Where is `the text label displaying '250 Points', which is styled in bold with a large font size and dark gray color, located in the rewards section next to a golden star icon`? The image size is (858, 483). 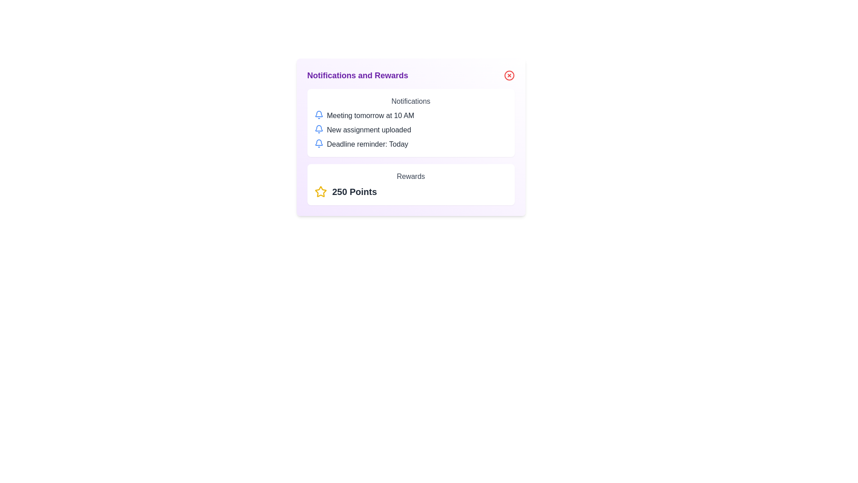 the text label displaying '250 Points', which is styled in bold with a large font size and dark gray color, located in the rewards section next to a golden star icon is located at coordinates (354, 191).